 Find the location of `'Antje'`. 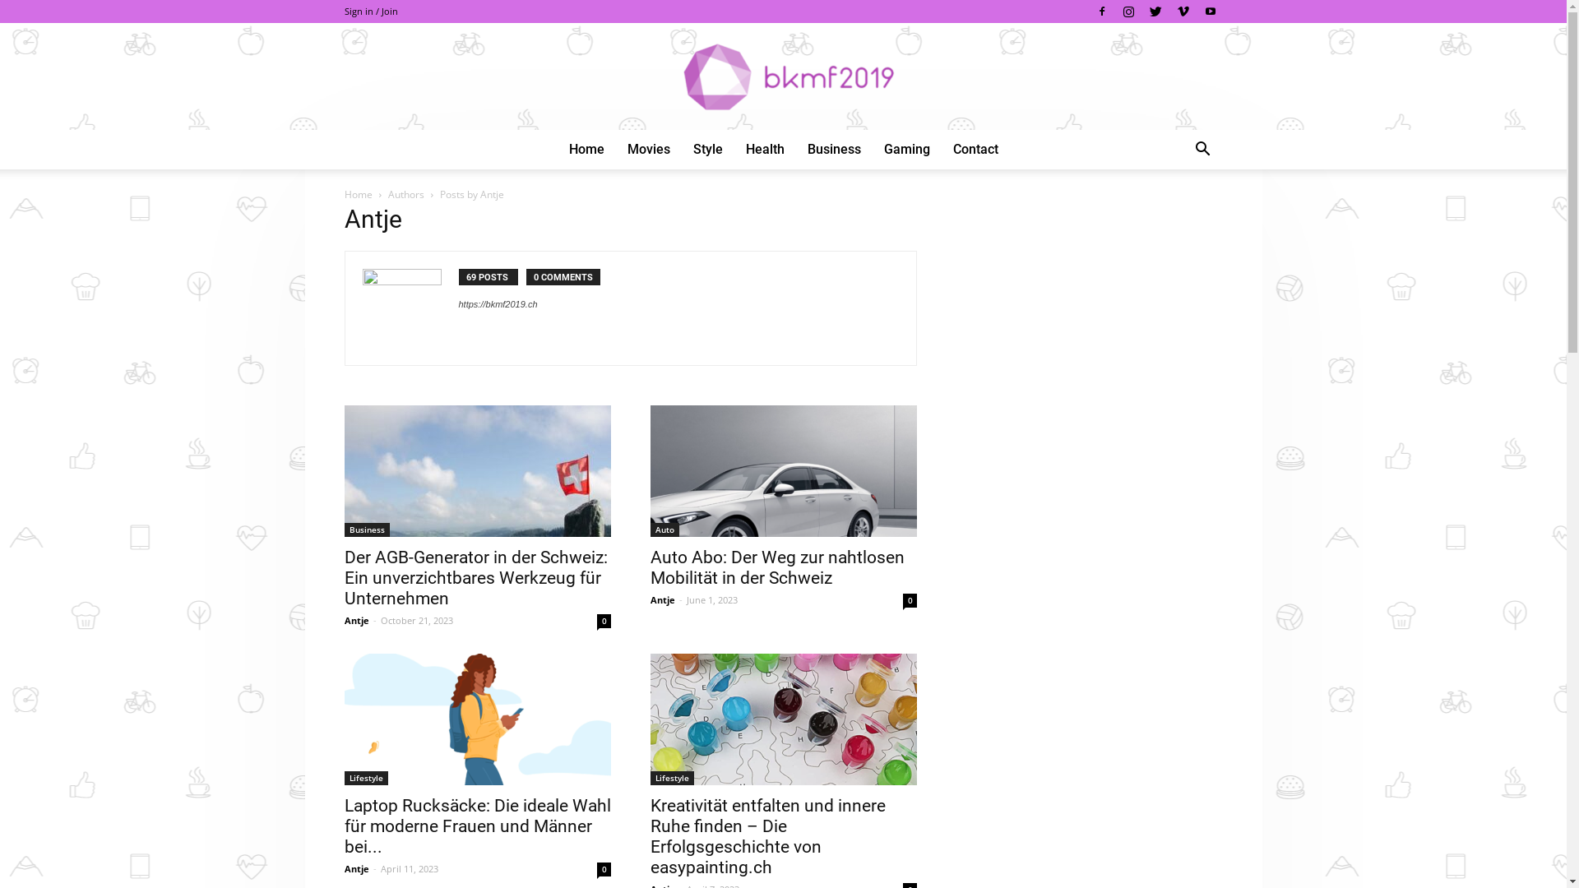

'Antje' is located at coordinates (354, 620).